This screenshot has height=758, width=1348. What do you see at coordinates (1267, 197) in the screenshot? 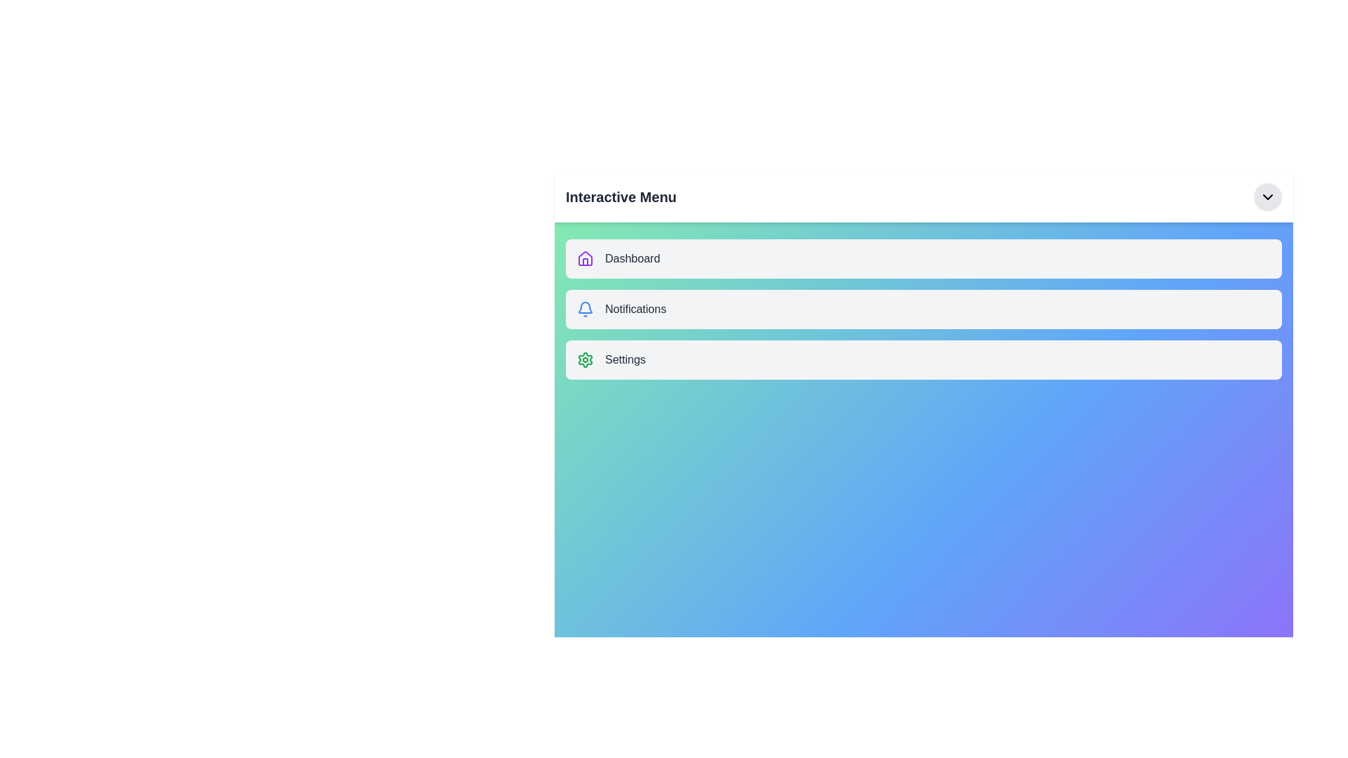
I see `down arrow button to toggle the menu state` at bounding box center [1267, 197].